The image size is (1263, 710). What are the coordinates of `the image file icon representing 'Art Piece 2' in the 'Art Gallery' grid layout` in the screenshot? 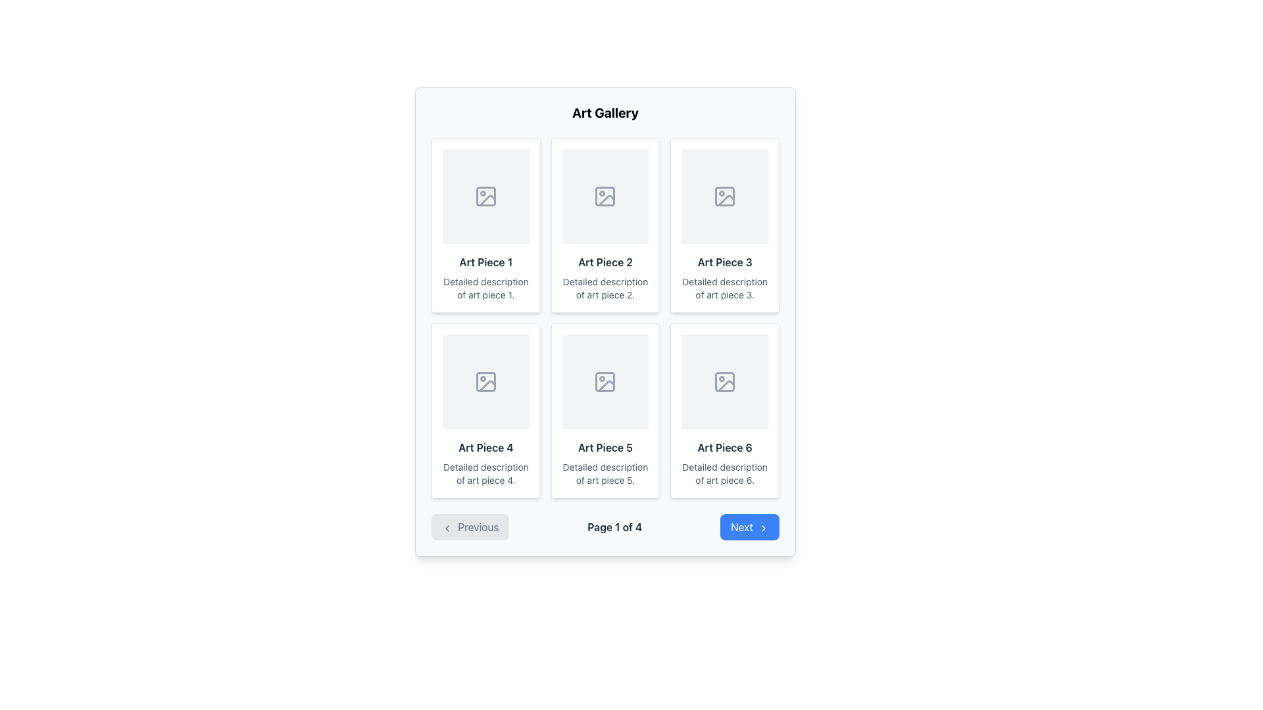 It's located at (605, 197).